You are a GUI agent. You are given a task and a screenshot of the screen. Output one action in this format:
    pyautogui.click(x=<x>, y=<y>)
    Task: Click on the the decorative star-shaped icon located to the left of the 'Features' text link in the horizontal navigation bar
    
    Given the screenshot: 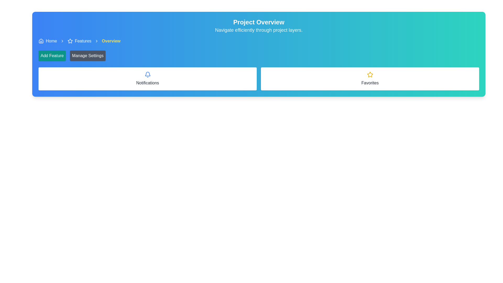 What is the action you would take?
    pyautogui.click(x=70, y=41)
    